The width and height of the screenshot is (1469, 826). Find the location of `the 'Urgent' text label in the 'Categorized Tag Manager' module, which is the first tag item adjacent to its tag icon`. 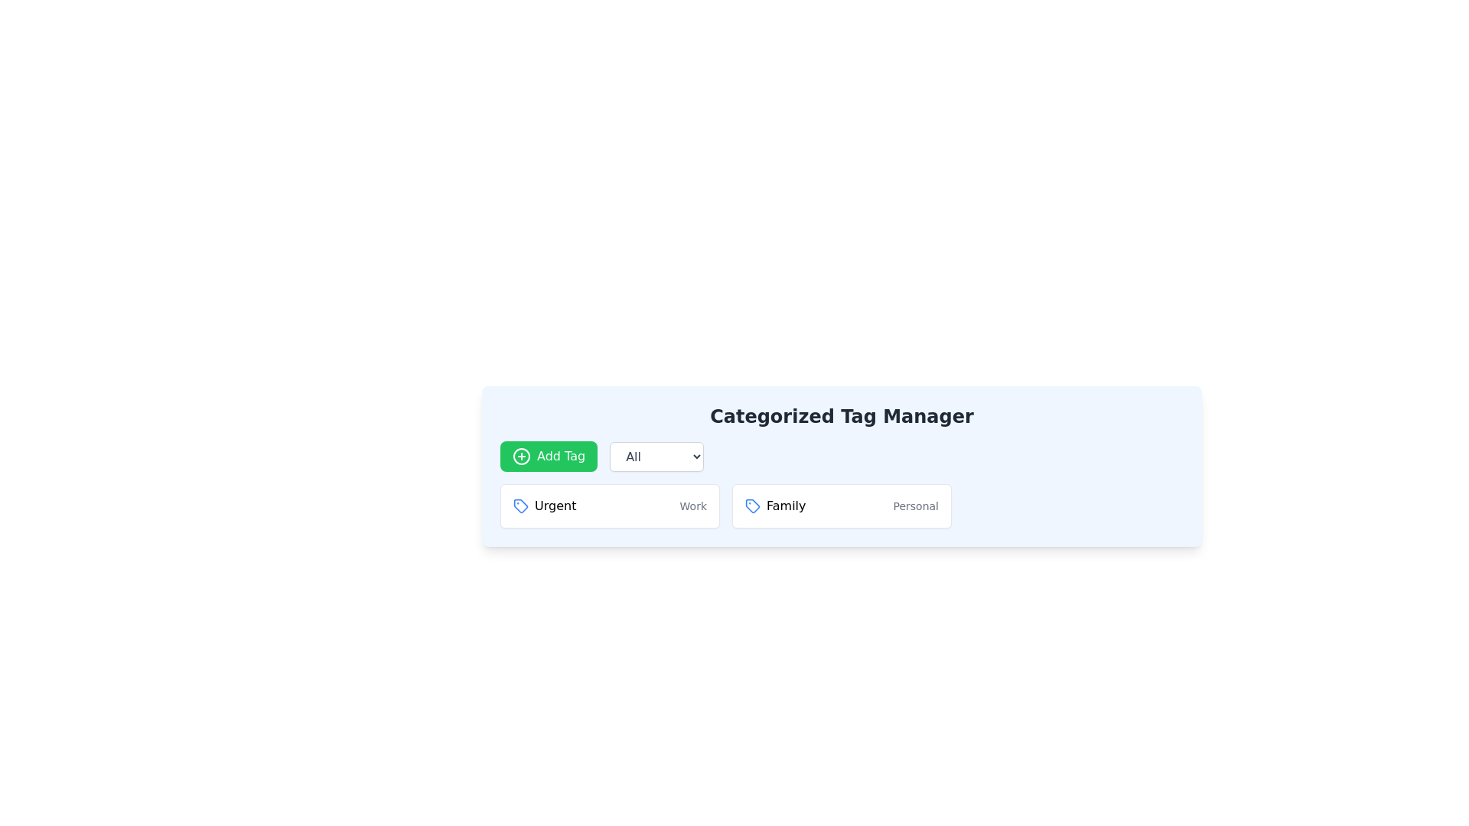

the 'Urgent' text label in the 'Categorized Tag Manager' module, which is the first tag item adjacent to its tag icon is located at coordinates (555, 506).